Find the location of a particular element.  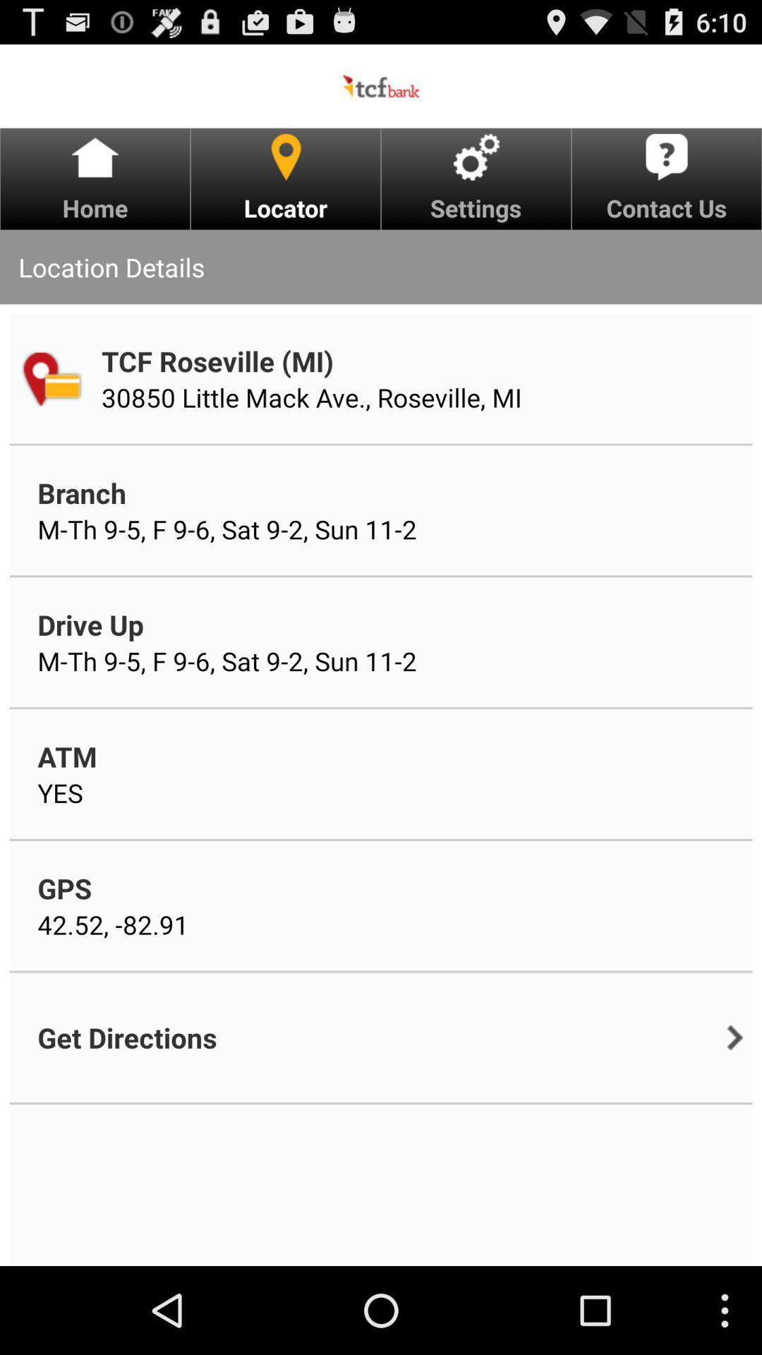

the get directions icon is located at coordinates (127, 1037).